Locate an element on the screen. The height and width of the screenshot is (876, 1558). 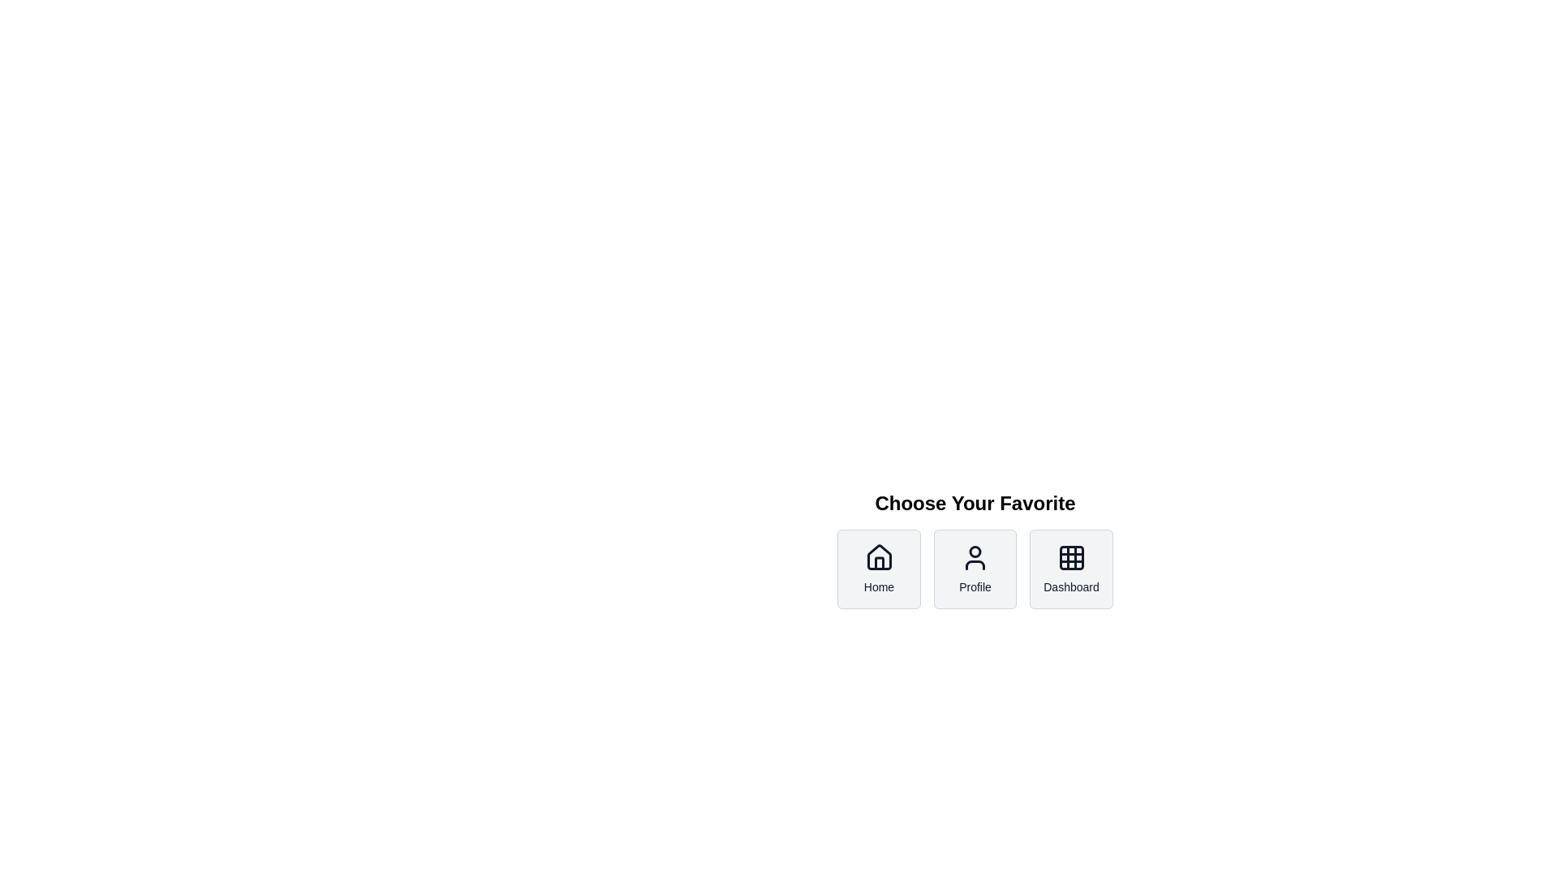
the 'Profile' button with a user icon, which is the middle button under the 'Choose Your Favorite' title is located at coordinates (974, 569).